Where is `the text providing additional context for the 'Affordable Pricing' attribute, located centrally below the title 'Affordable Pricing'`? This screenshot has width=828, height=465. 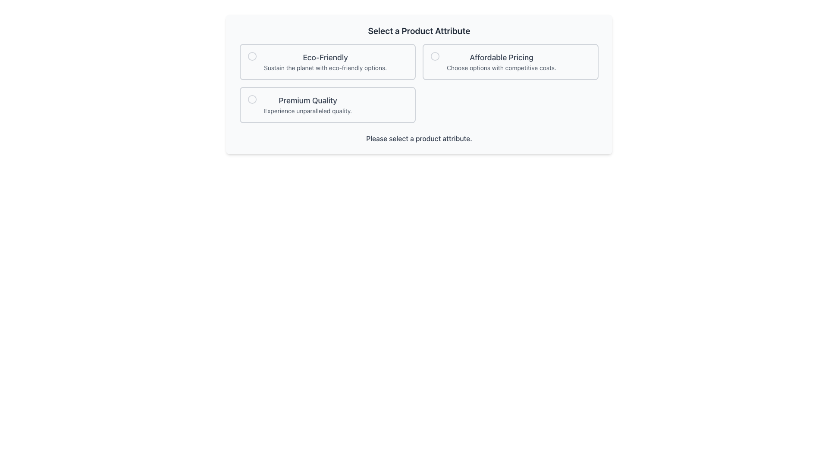 the text providing additional context for the 'Affordable Pricing' attribute, located centrally below the title 'Affordable Pricing' is located at coordinates (501, 68).